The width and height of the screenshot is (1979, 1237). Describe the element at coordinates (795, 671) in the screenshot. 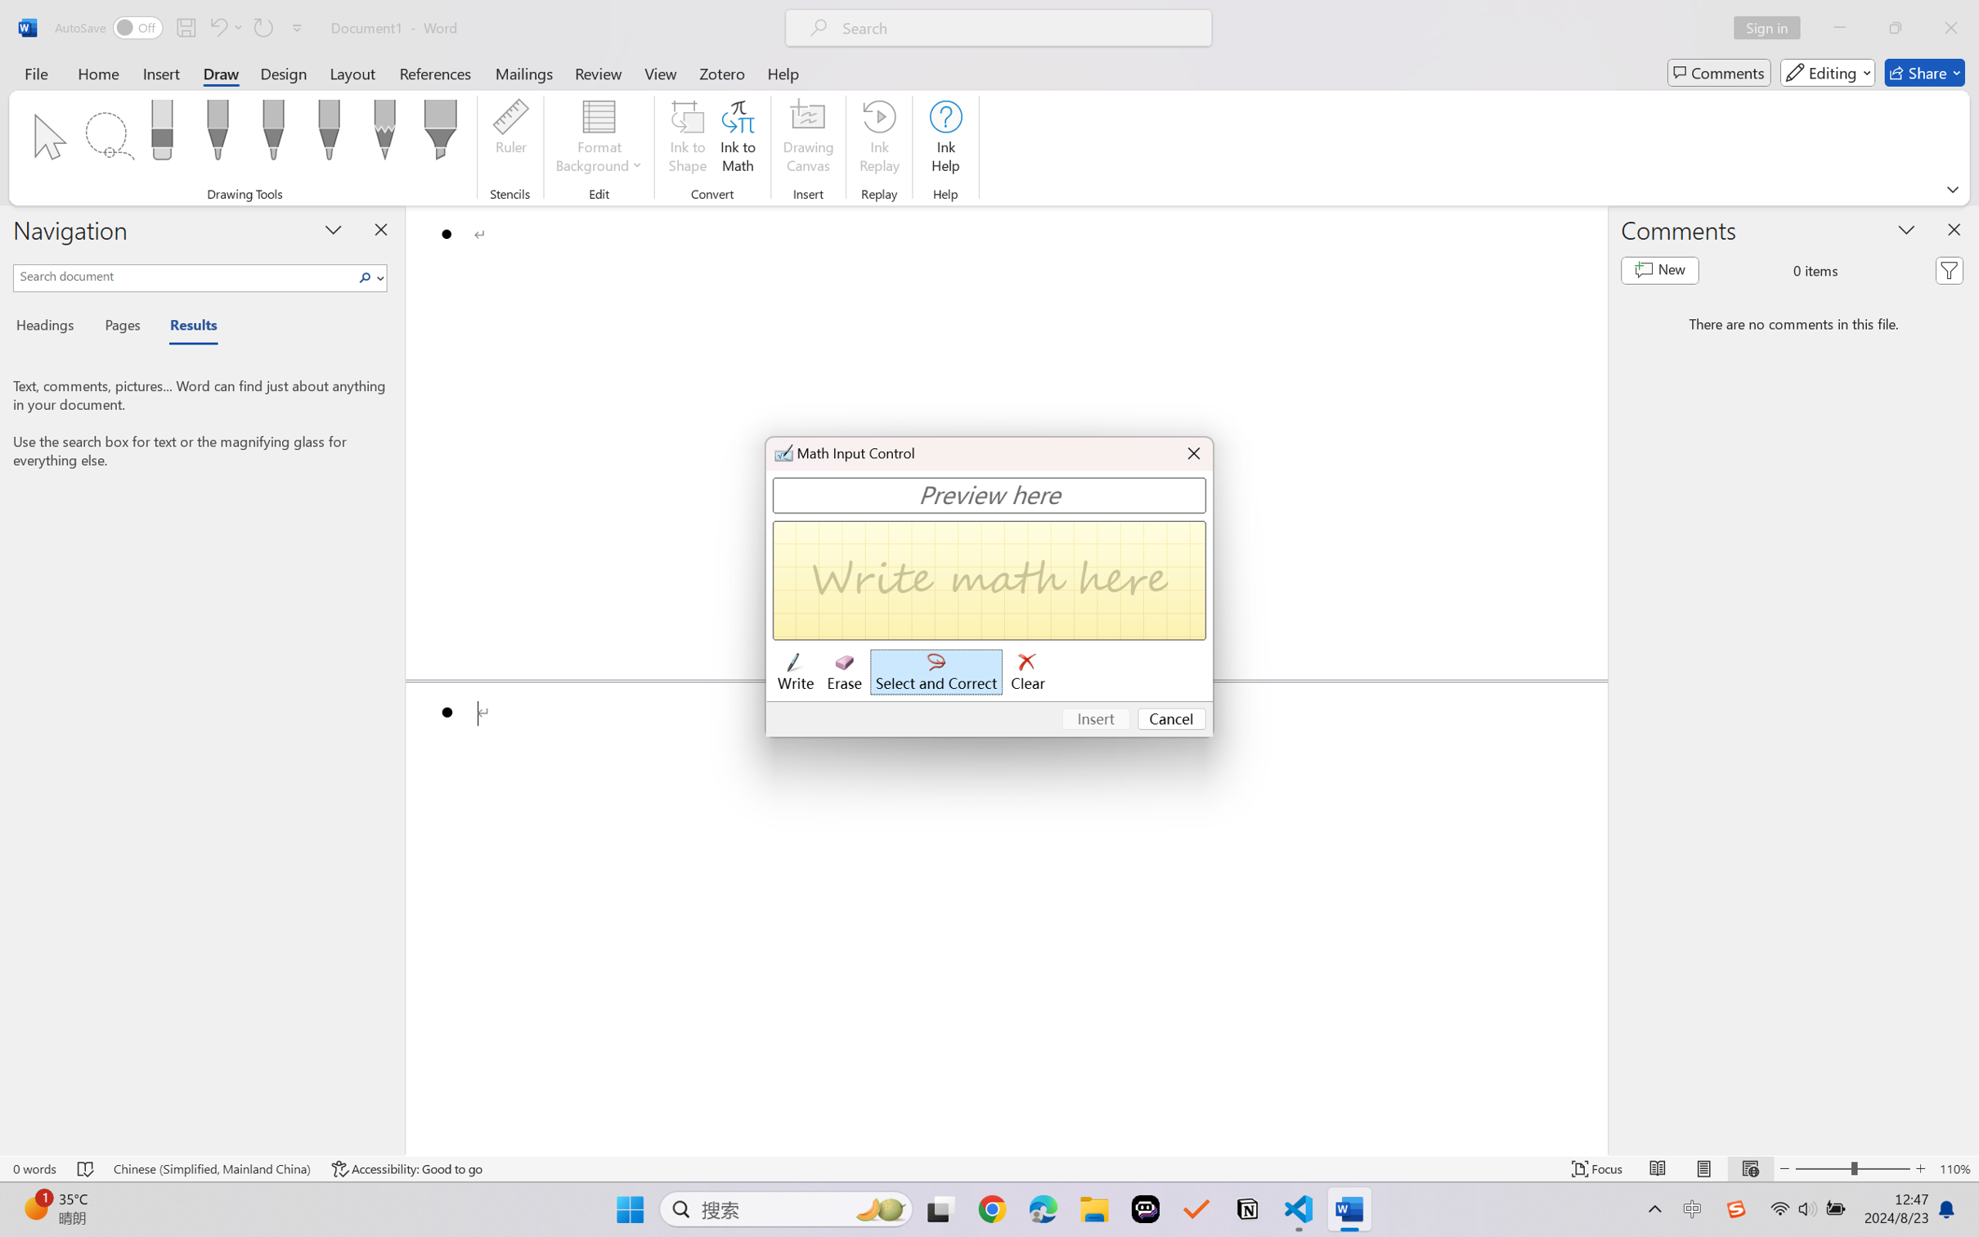

I see `'Write'` at that location.